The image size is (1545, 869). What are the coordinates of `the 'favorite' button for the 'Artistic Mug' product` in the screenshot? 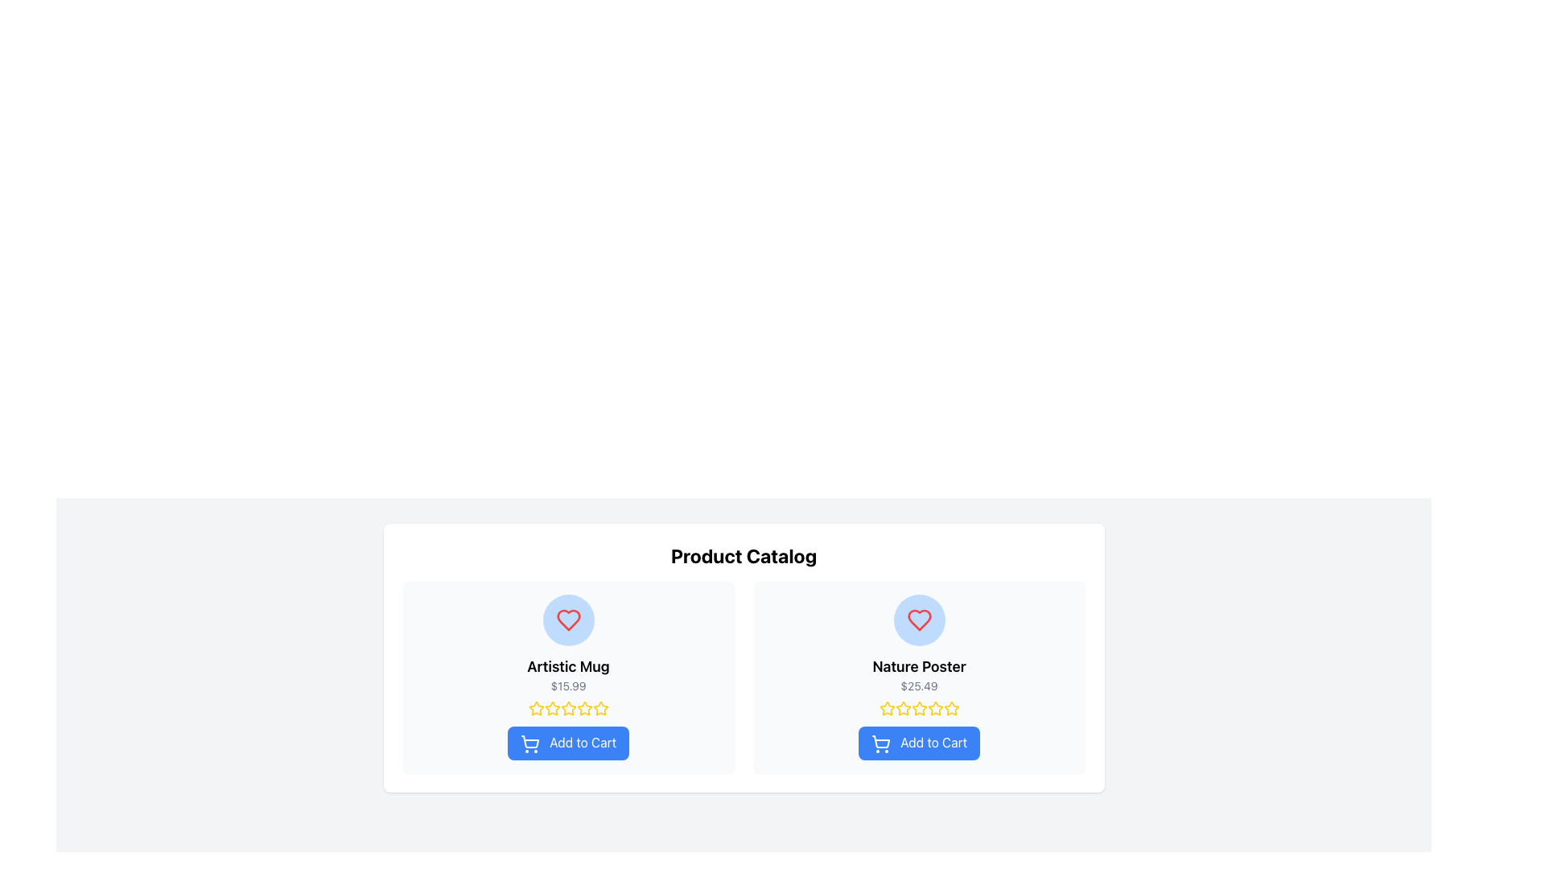 It's located at (568, 620).